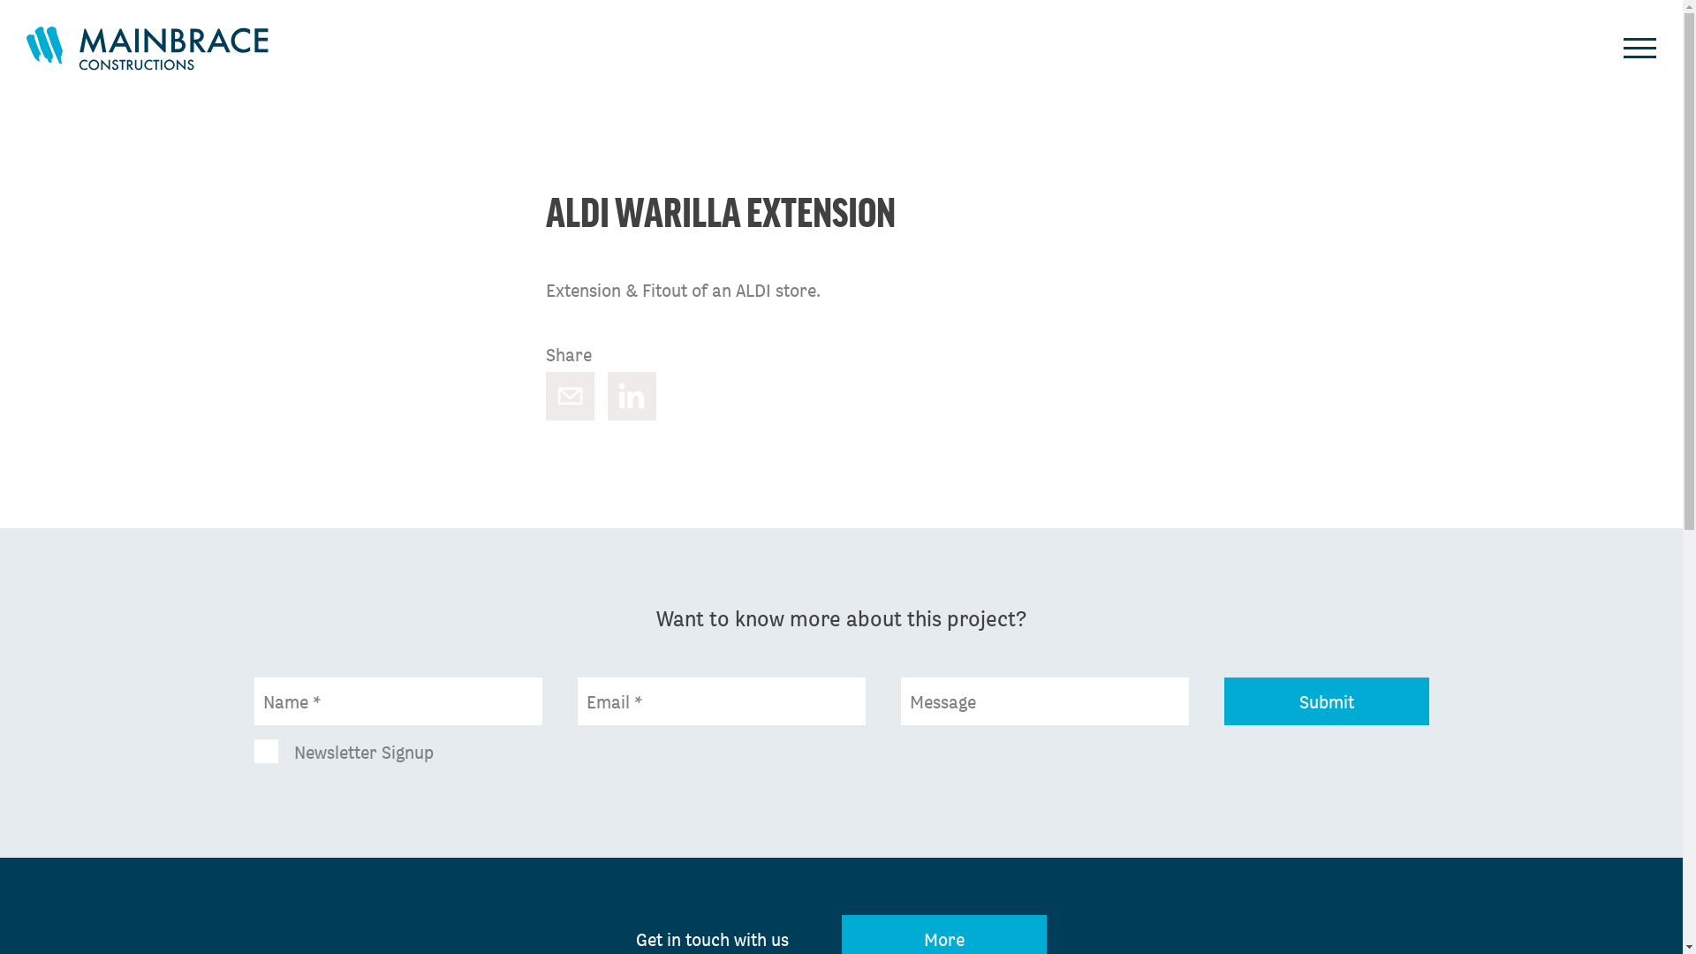 This screenshot has height=954, width=1696. Describe the element at coordinates (1327, 700) in the screenshot. I see `'Submit'` at that location.